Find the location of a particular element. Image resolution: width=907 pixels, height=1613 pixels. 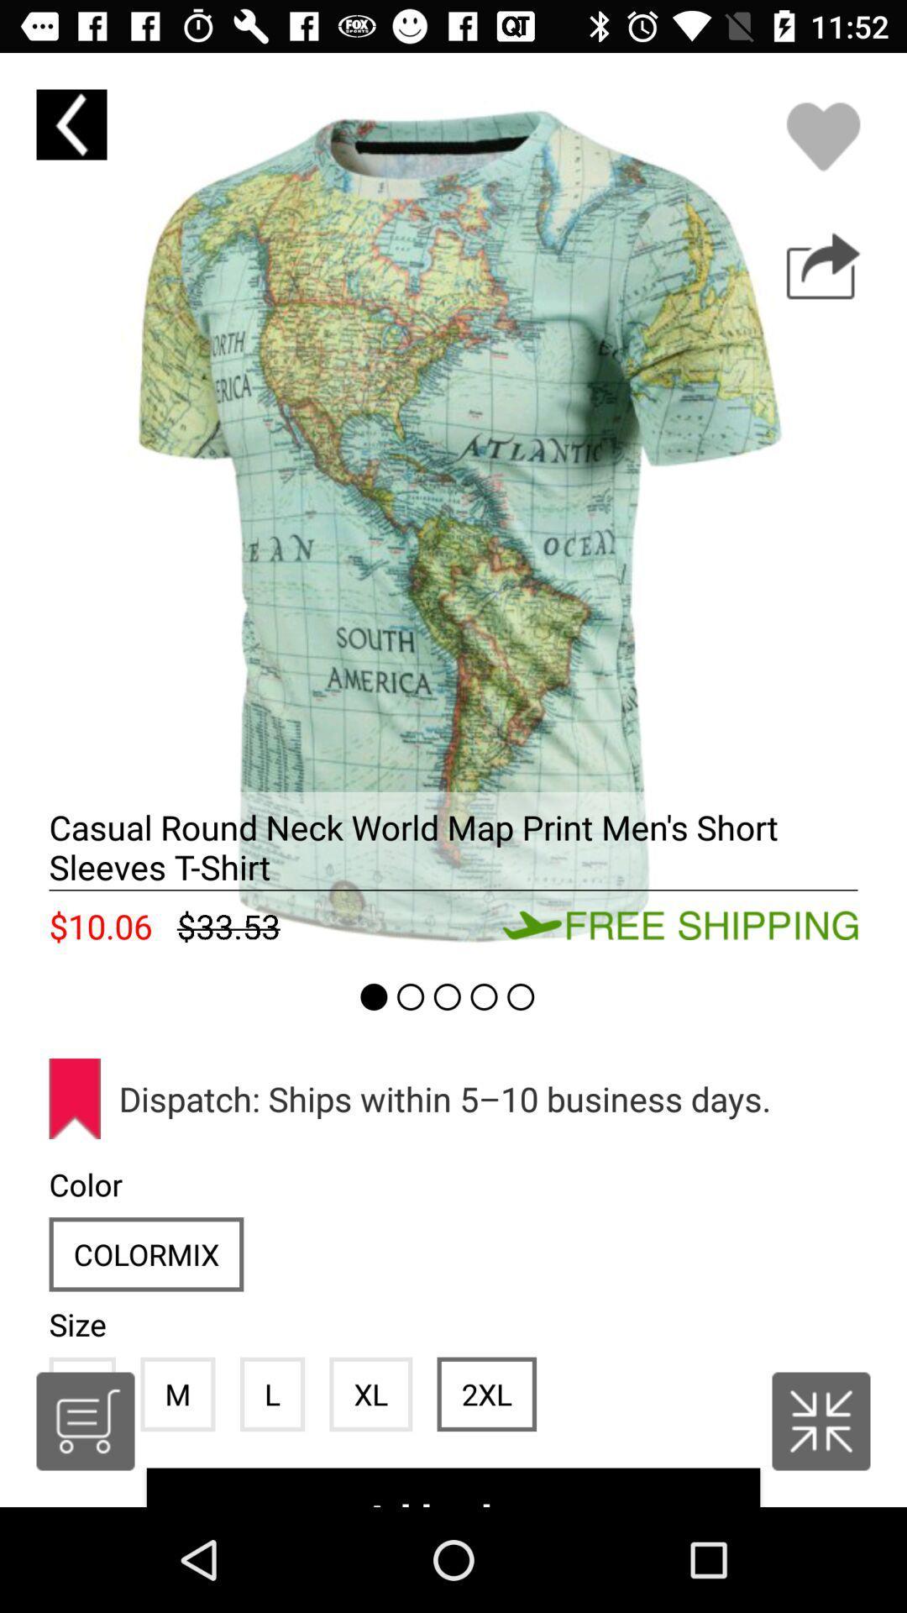

share the item is located at coordinates (822, 265).